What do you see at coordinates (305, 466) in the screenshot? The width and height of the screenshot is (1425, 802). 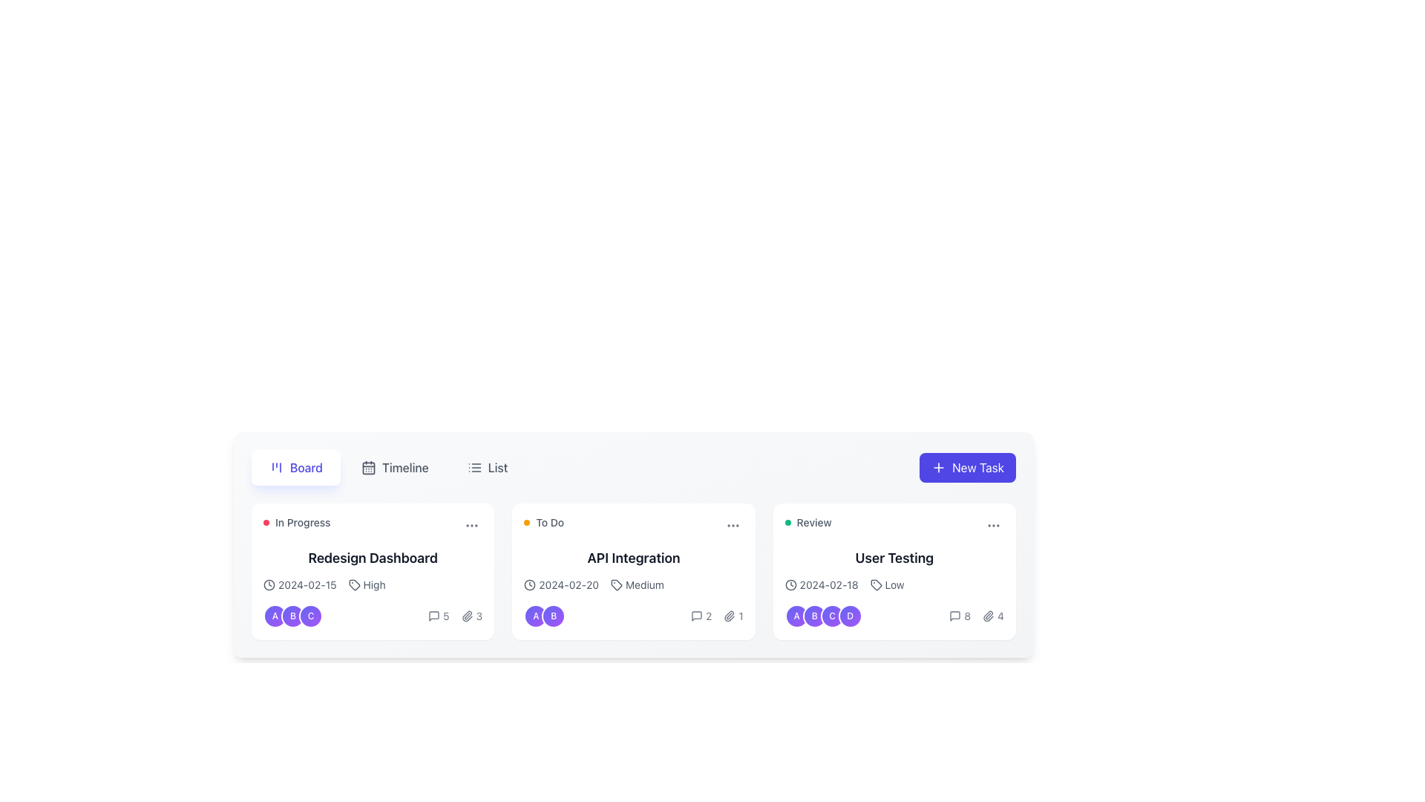 I see `the text label displaying the word 'Board' which is styled in purple with a slight shadow, located in the center-right side of a clickable button within a navigational menu` at bounding box center [305, 466].